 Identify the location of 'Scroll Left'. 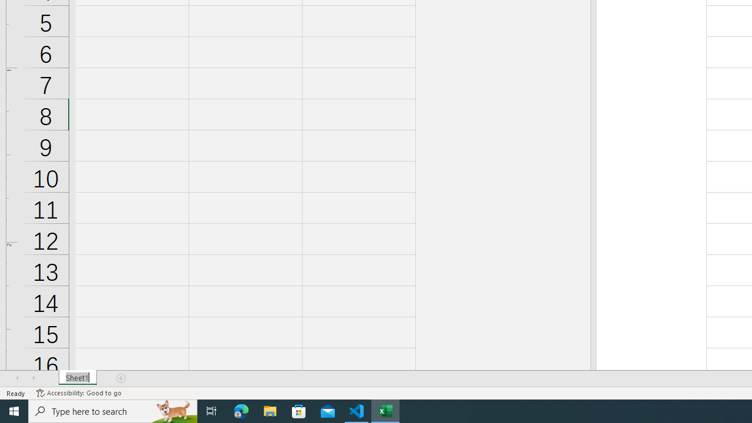
(17, 378).